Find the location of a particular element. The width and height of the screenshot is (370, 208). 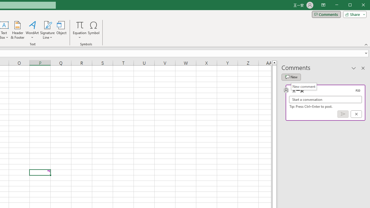

'Object...' is located at coordinates (62, 30).